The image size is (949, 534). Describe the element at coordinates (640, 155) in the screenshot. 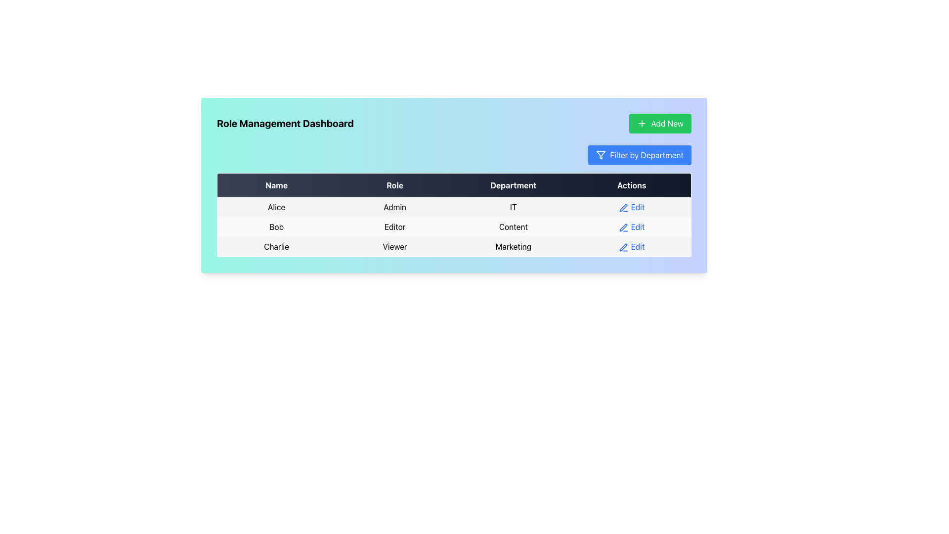

I see `the button labeled 'Filter by Department' which has a blue background and a funnel icon to apply a filter` at that location.